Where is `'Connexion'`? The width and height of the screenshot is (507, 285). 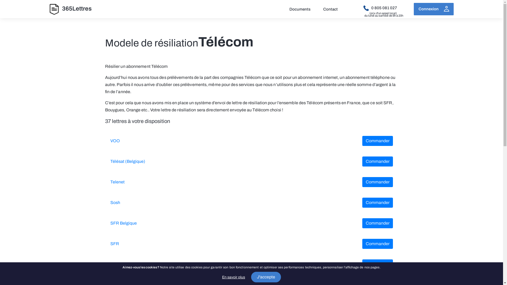 'Connexion' is located at coordinates (433, 9).